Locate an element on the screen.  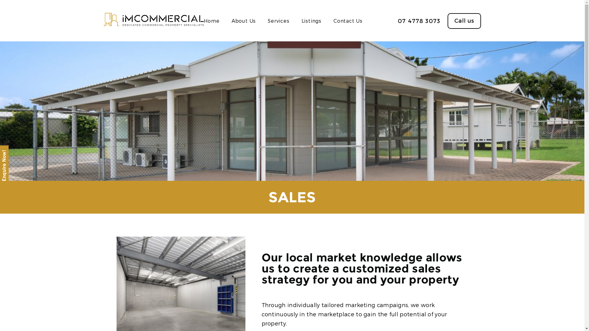
'Call us' is located at coordinates (464, 21).